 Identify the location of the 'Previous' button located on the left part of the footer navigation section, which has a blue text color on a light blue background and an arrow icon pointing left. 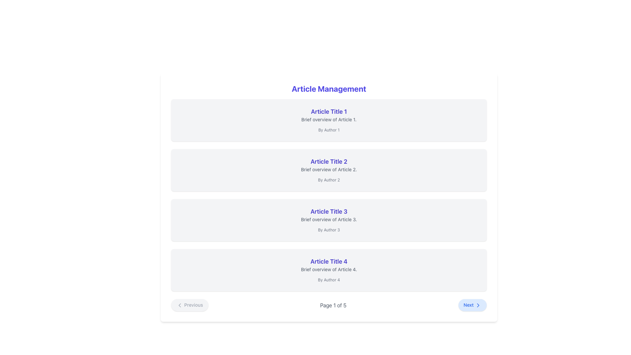
(189, 305).